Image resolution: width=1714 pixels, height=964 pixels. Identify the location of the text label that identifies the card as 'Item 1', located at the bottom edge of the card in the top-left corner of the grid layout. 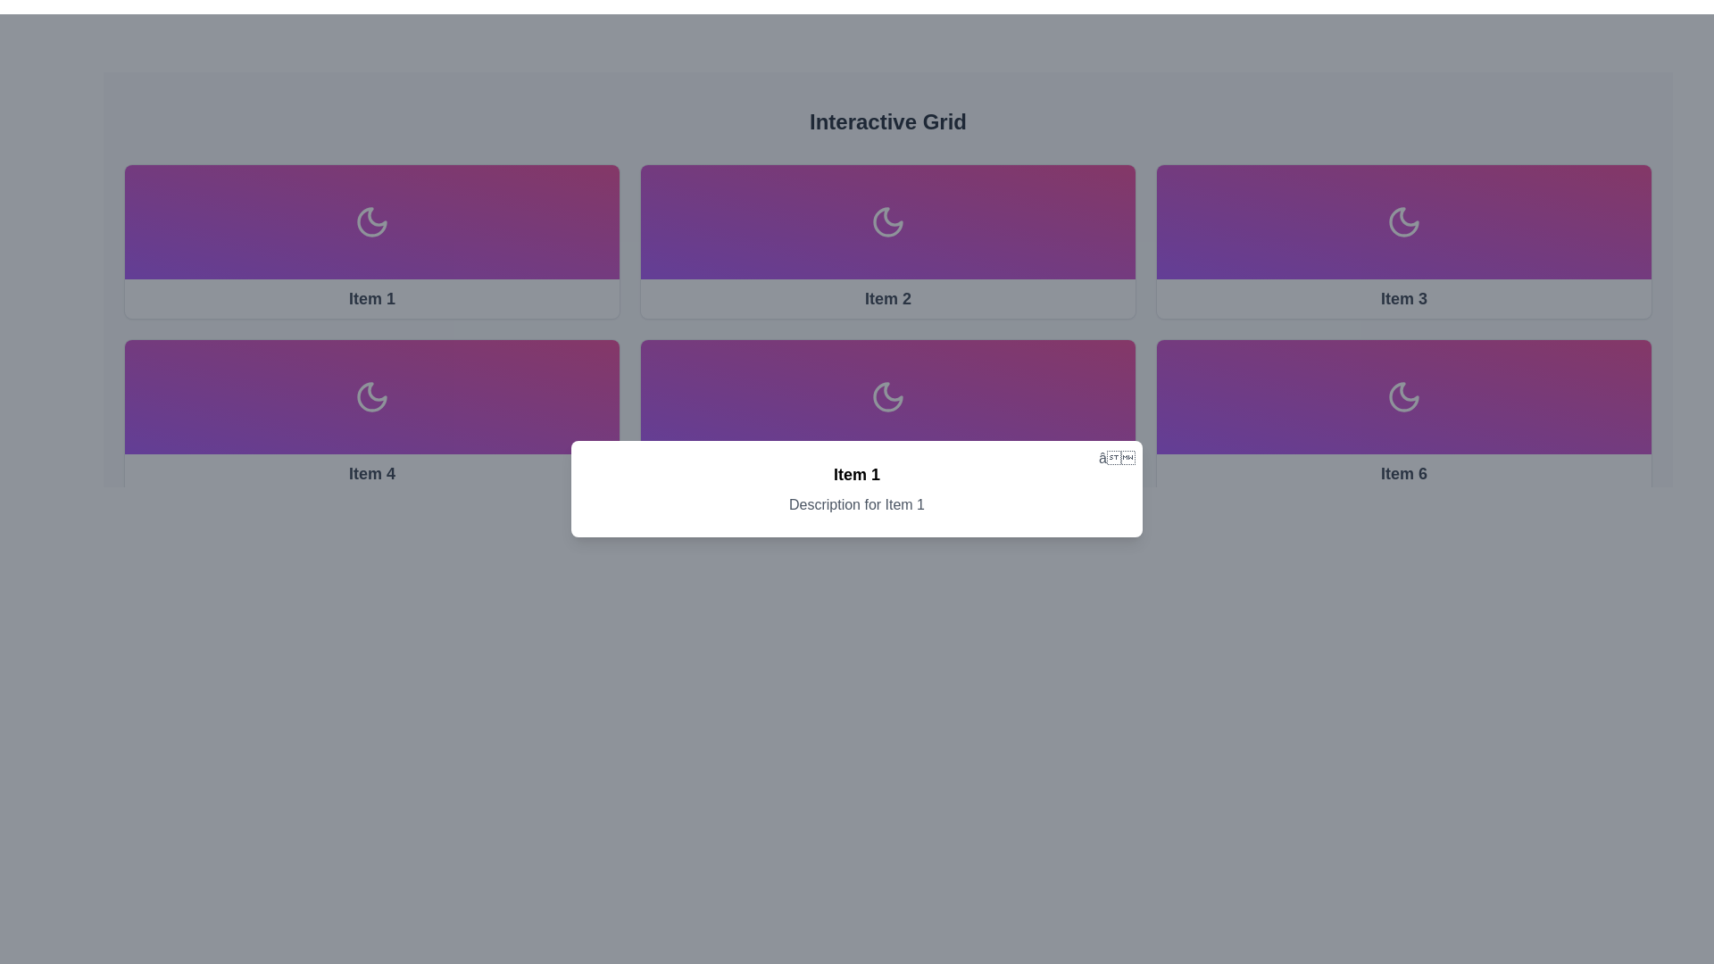
(371, 298).